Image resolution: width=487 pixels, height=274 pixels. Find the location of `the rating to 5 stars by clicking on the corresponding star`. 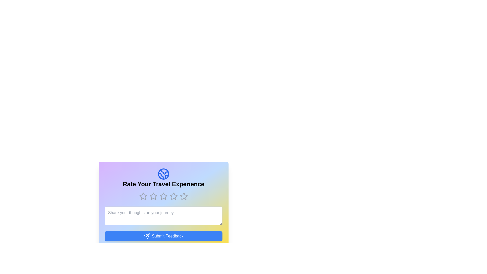

the rating to 5 stars by clicking on the corresponding star is located at coordinates (183, 196).